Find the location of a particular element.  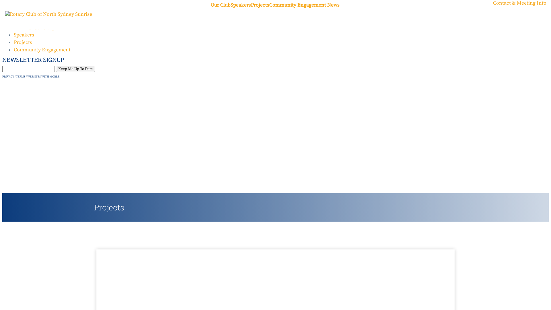

'Our Club' is located at coordinates (23, 13).